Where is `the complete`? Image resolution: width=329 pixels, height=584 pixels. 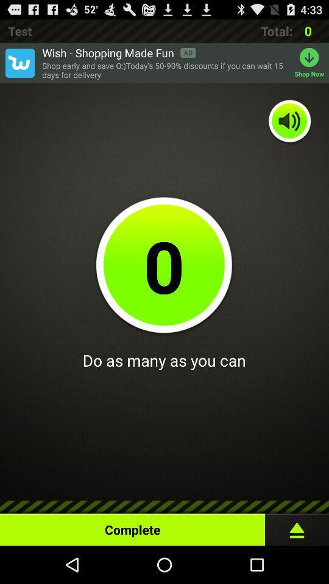
the complete is located at coordinates (132, 526).